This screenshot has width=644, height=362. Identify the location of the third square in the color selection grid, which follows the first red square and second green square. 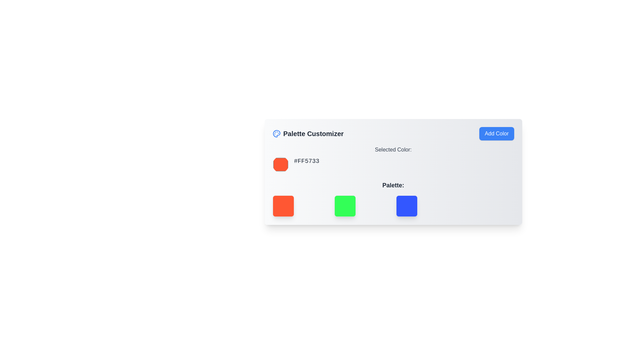
(424, 205).